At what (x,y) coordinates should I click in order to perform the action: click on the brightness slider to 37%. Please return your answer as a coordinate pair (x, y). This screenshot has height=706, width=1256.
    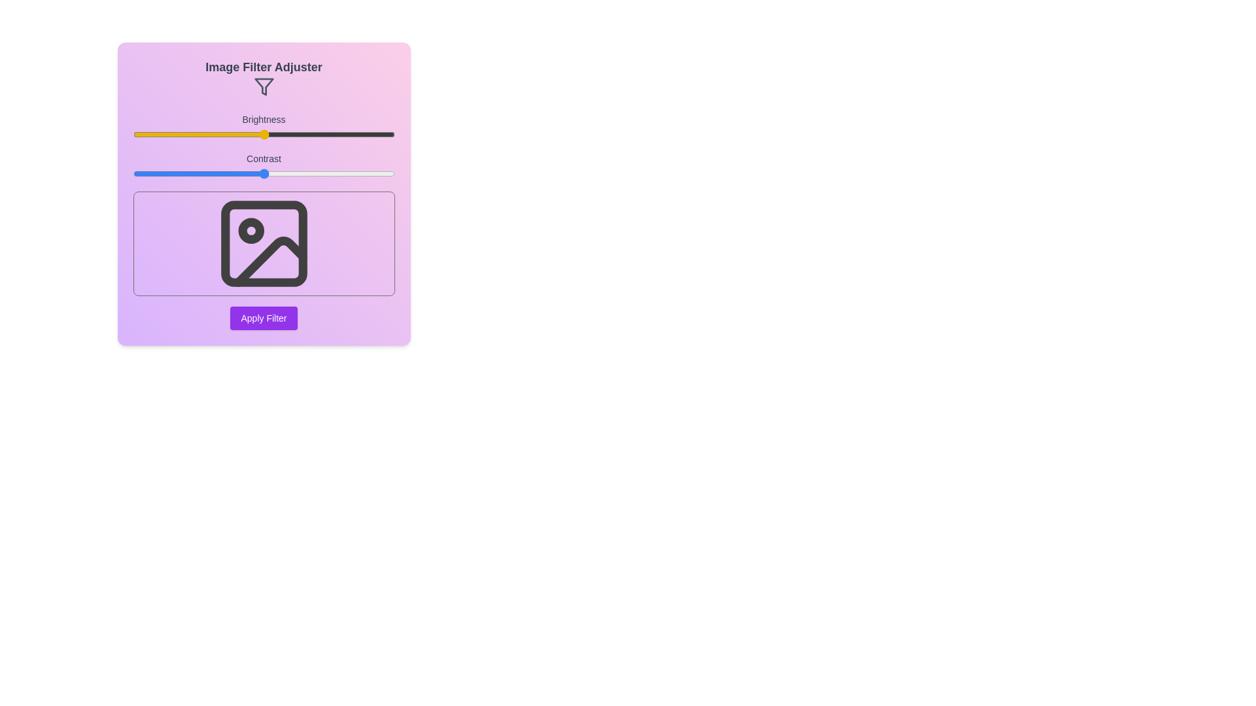
    Looking at the image, I should click on (230, 134).